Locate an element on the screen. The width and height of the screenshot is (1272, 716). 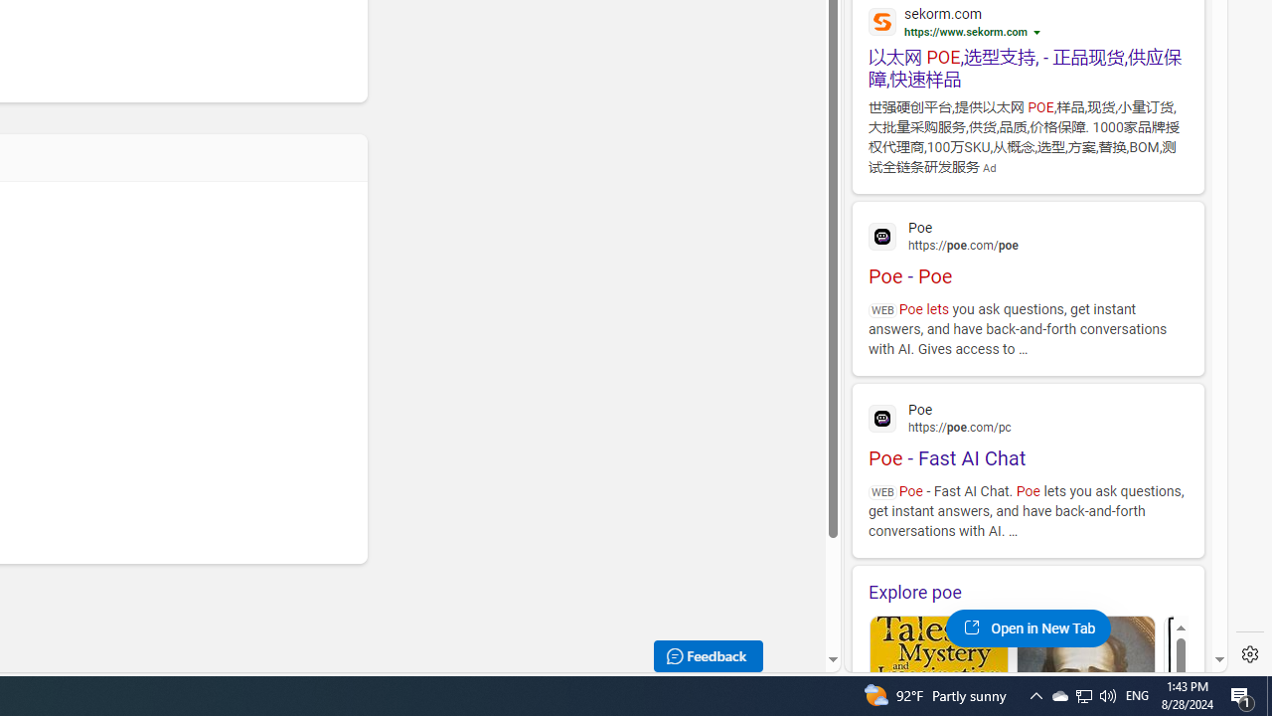
'https://www.sekorm.com' is located at coordinates (966, 32).